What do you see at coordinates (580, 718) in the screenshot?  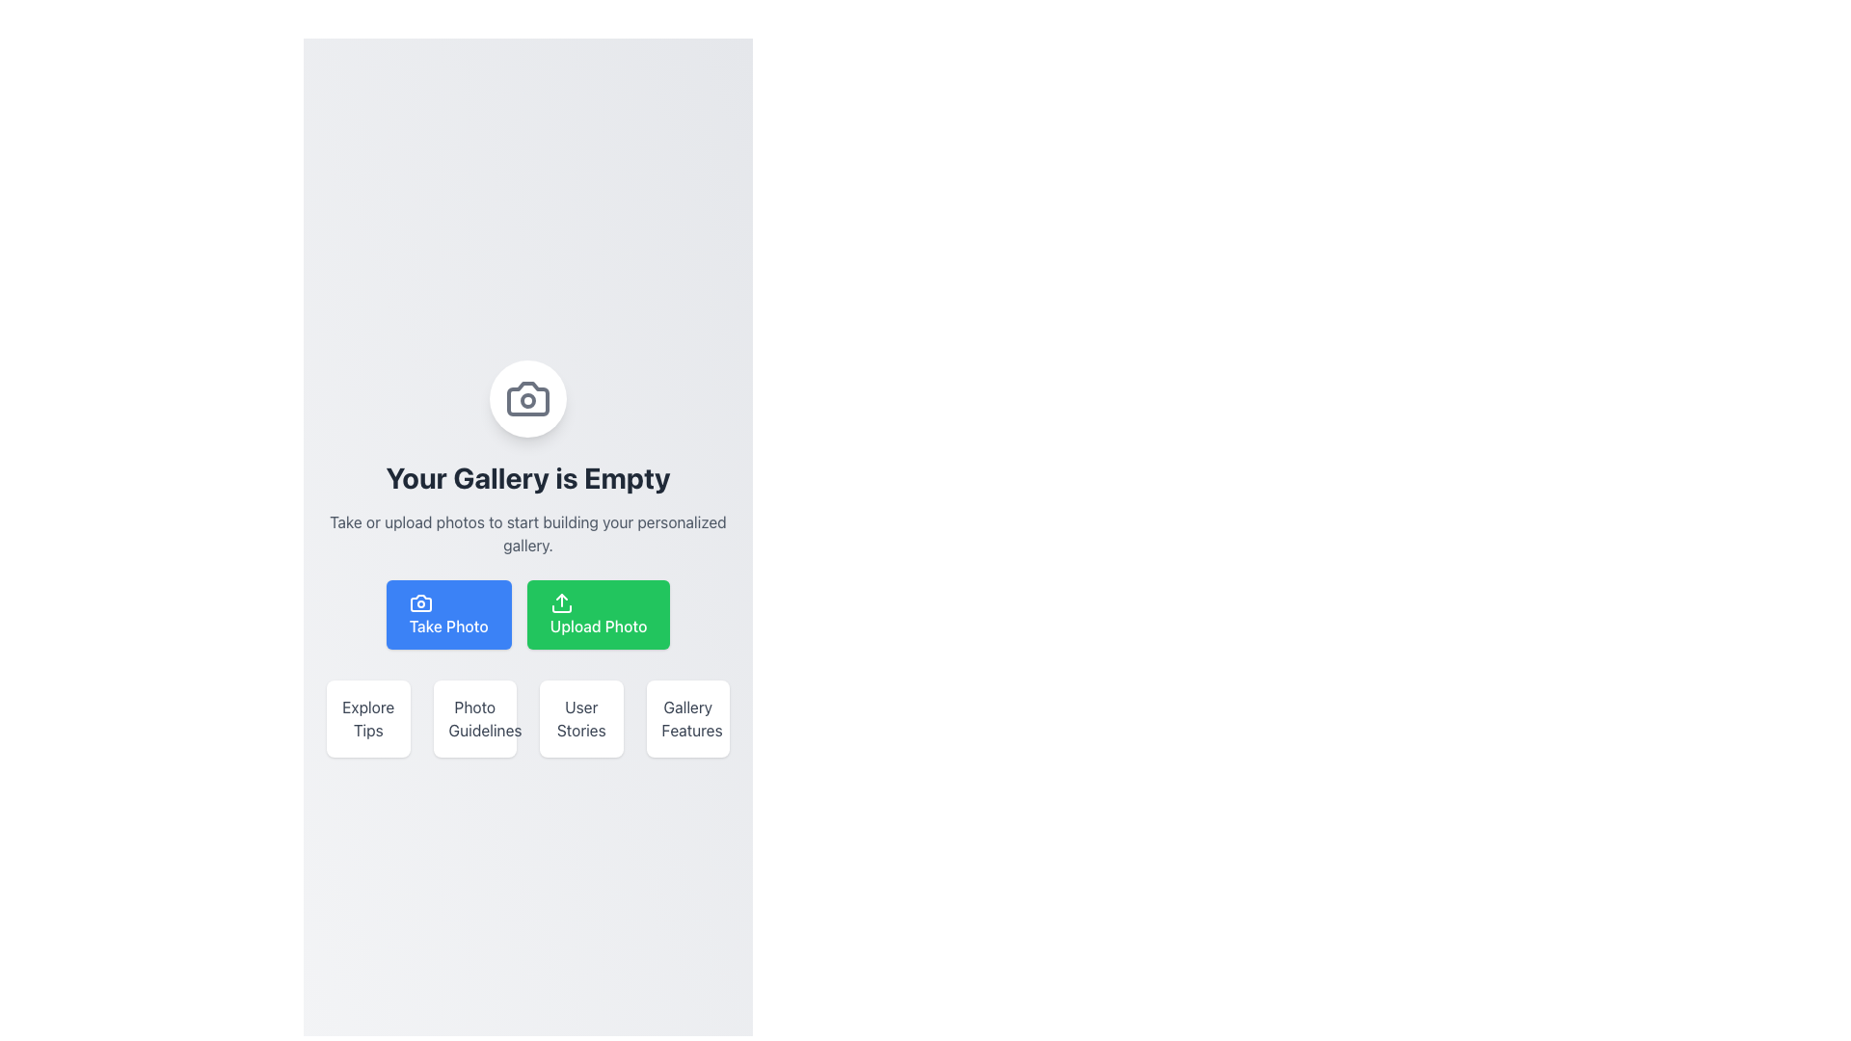 I see `the 'User Stories' button, which is the third button in a grid layout positioned below 'Take Photo' and 'Upload Photo'` at bounding box center [580, 718].